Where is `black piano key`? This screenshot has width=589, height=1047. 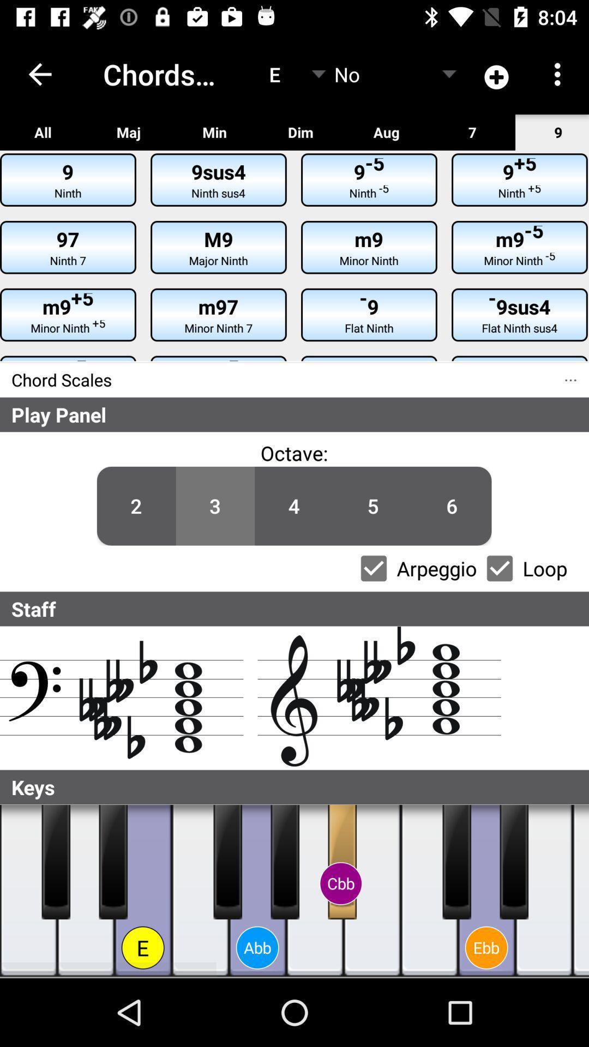
black piano key is located at coordinates (456, 861).